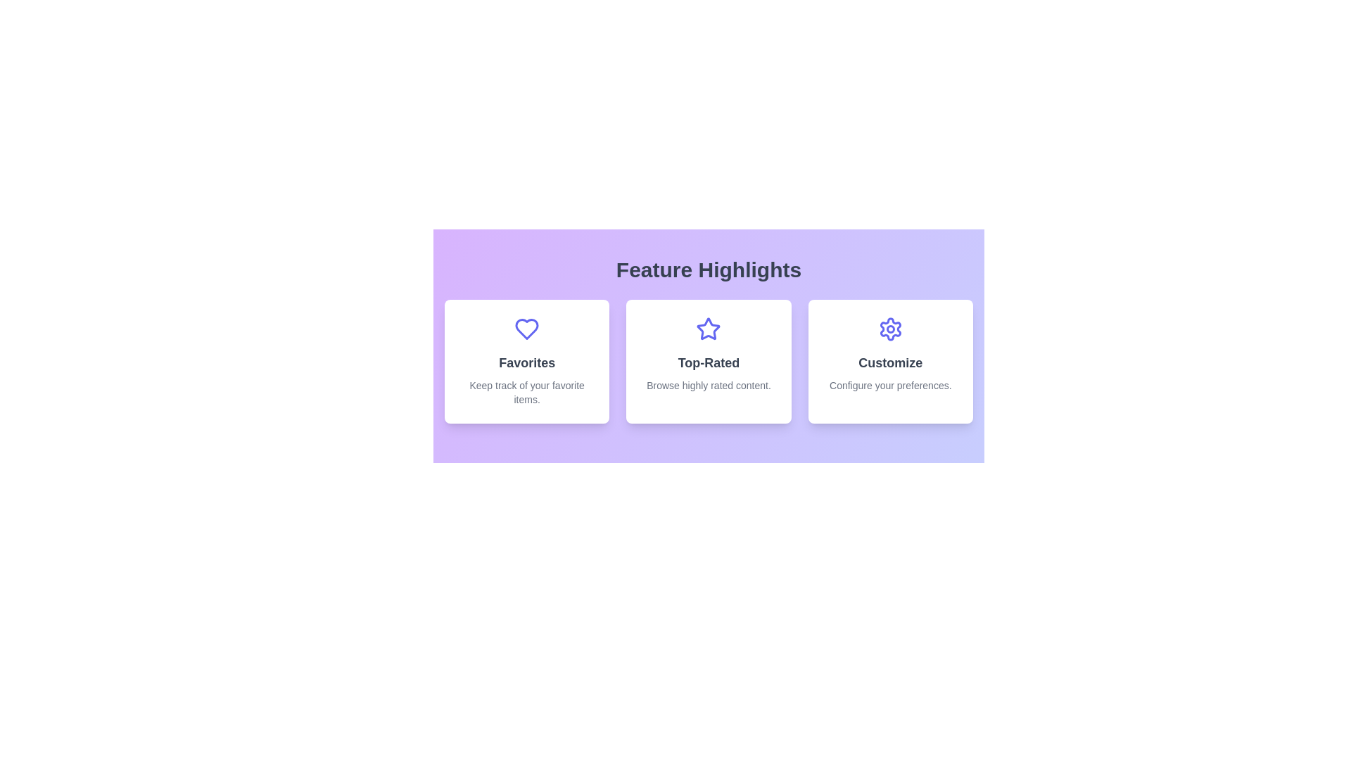 This screenshot has width=1351, height=760. What do you see at coordinates (526, 329) in the screenshot?
I see `the heart-shaped icon outlined in blue, located at the top center of the 'Favorites' card, above the title 'Favorites'` at bounding box center [526, 329].